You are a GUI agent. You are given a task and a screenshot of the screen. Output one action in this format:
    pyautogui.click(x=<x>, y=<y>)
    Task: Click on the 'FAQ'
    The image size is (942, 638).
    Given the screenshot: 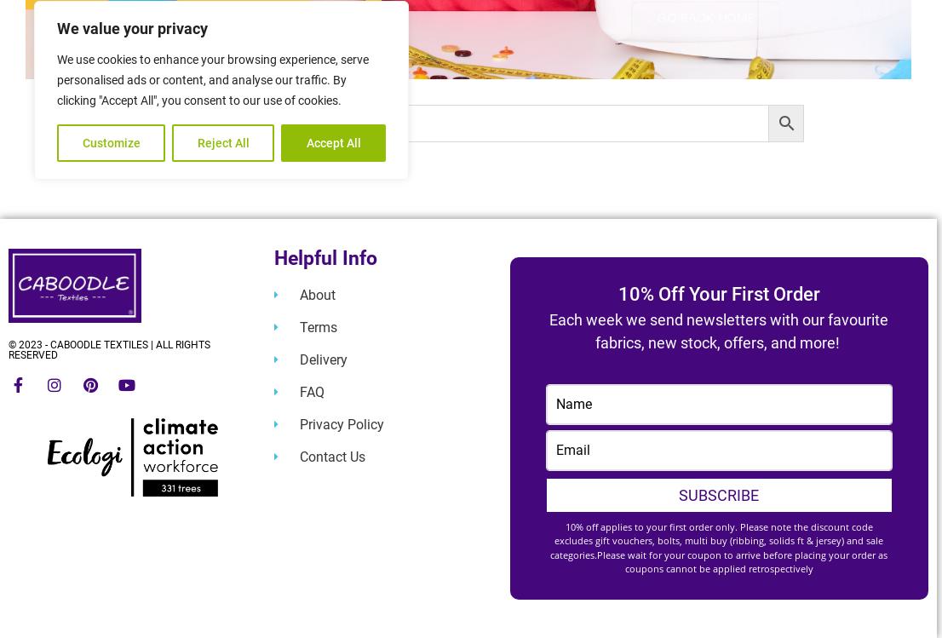 What is the action you would take?
    pyautogui.click(x=310, y=391)
    